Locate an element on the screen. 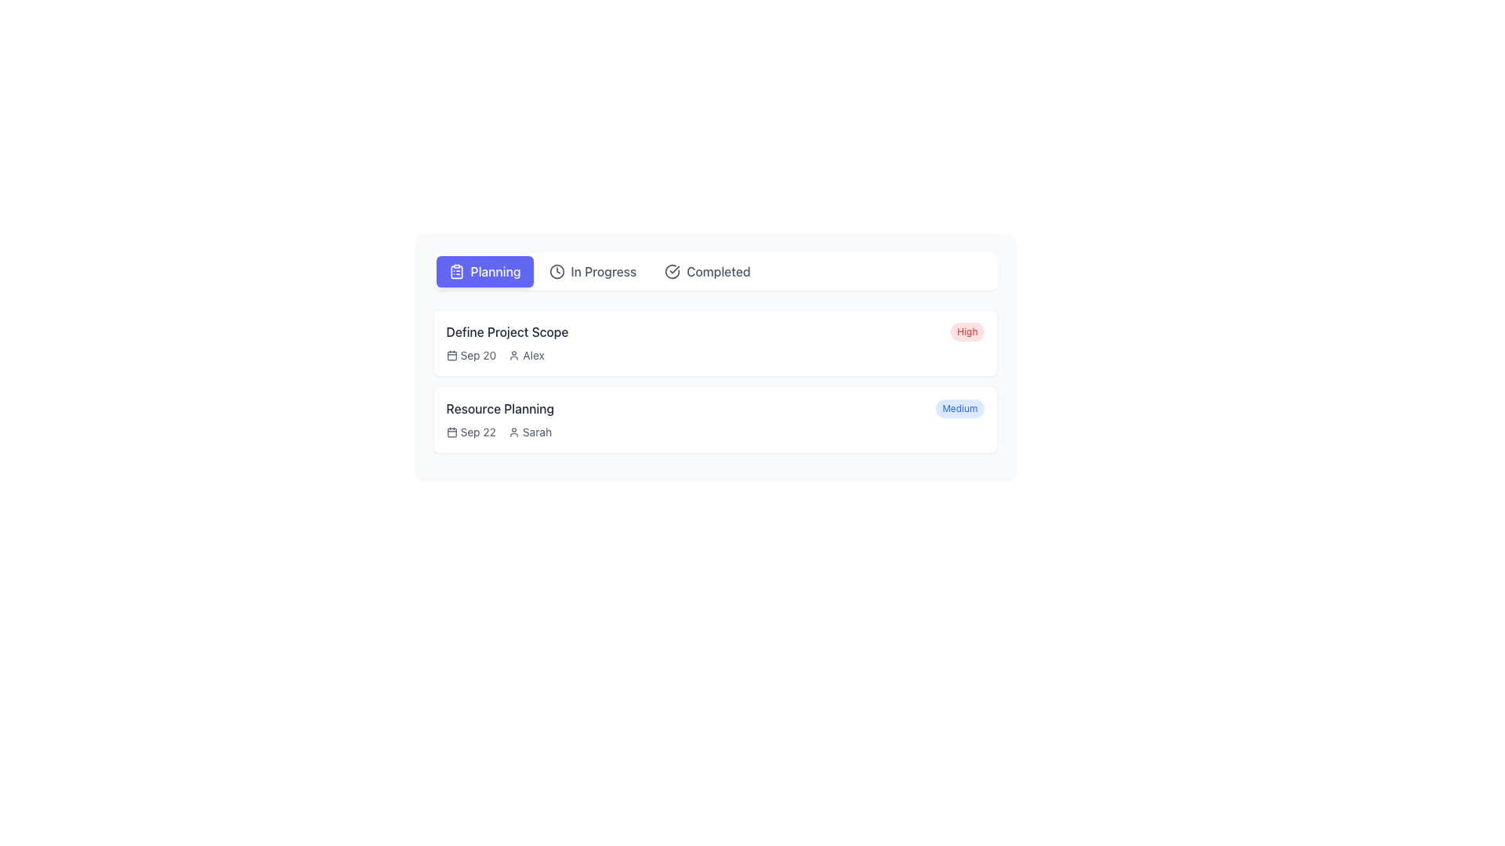 Image resolution: width=1505 pixels, height=846 pixels. the text label displaying the date for the task 'Resource Planning' adjacent to 'Sarah' for assistive technologies is located at coordinates (477, 432).